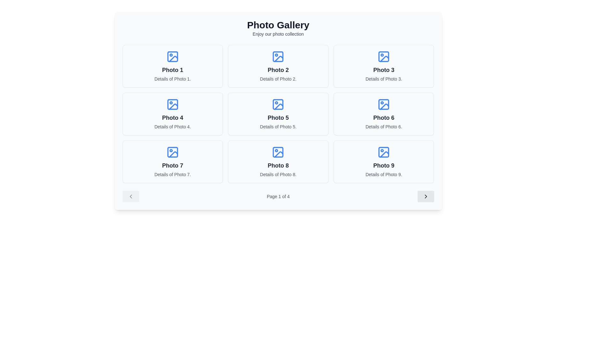  Describe the element at coordinates (130, 196) in the screenshot. I see `the left-pointing chevron arrow icon button located in the pagination navigation section at the lower left of the interface` at that location.